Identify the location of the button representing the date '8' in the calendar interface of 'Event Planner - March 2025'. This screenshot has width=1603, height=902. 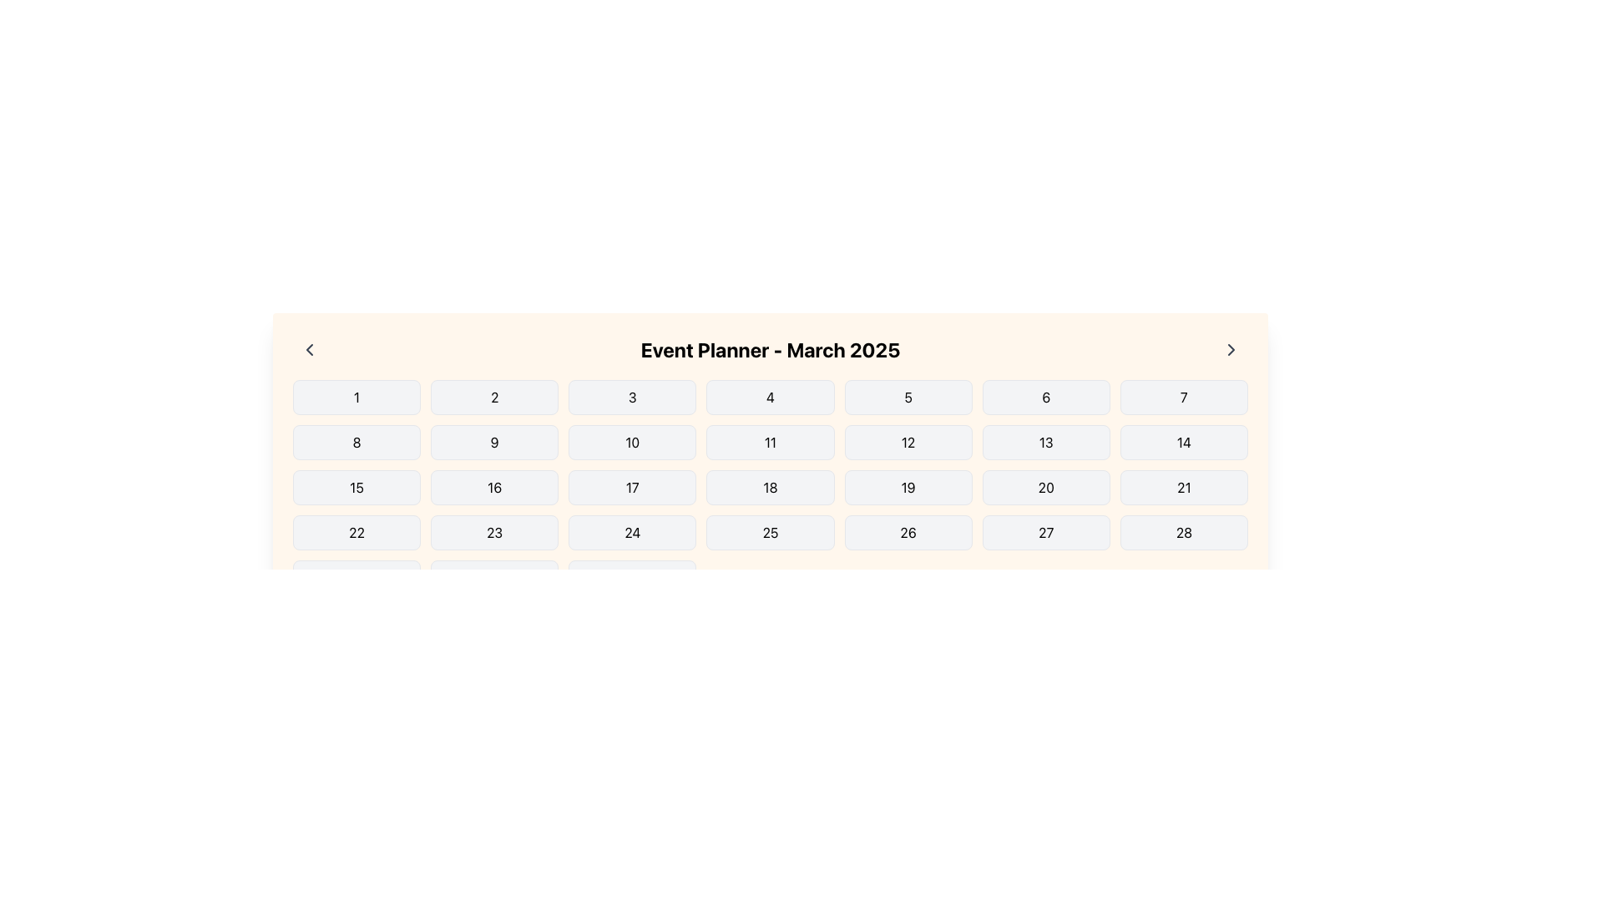
(356, 441).